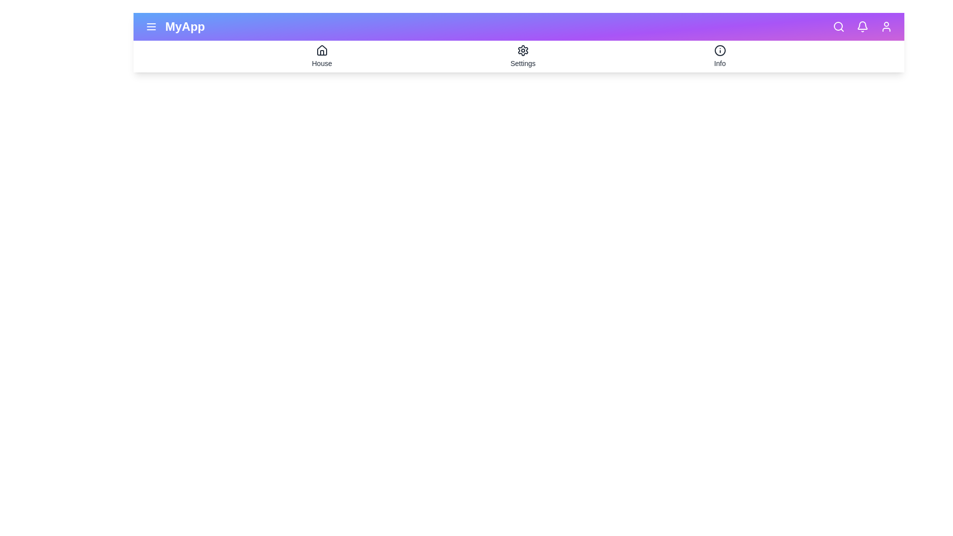 Image resolution: width=953 pixels, height=536 pixels. I want to click on the menu icon to open the navigation drawer, so click(151, 26).